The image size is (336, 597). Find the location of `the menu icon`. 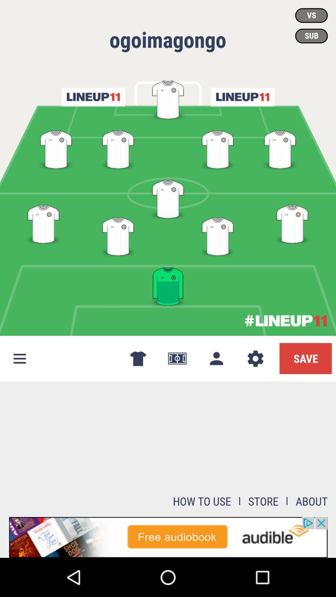

the menu icon is located at coordinates (19, 359).